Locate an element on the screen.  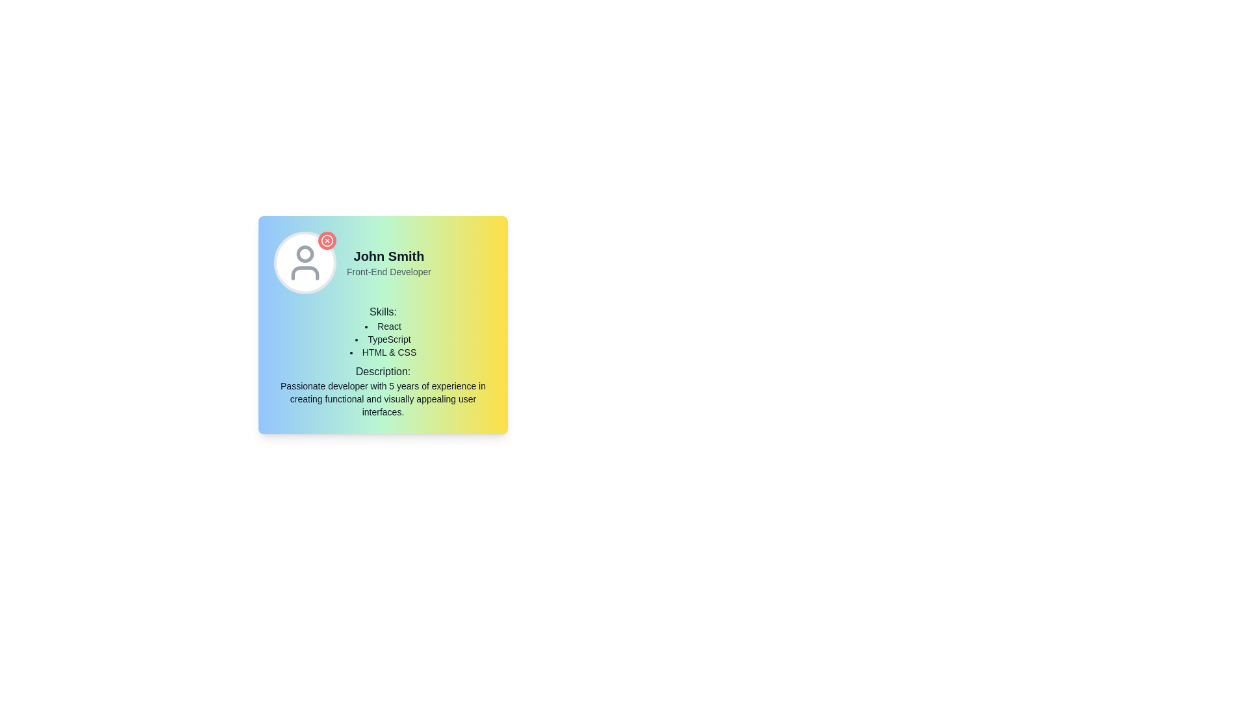
the Bullet List element that displays the skills associated with the profile, located in the 'Skills' section of the card layout, below the 'Skills:' title and above the 'Description' section is located at coordinates (383, 339).